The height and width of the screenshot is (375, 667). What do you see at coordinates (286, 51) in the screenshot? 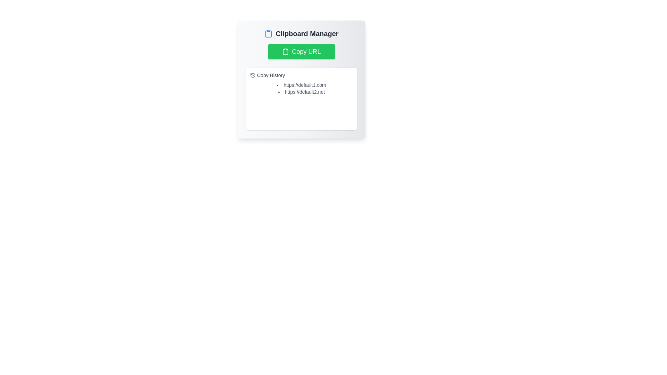
I see `the clipboard icon, which is a vertically-oriented rectangular shape with a rounded inner rectangle at the top, located near the title 'Clipboard Manager'` at bounding box center [286, 51].